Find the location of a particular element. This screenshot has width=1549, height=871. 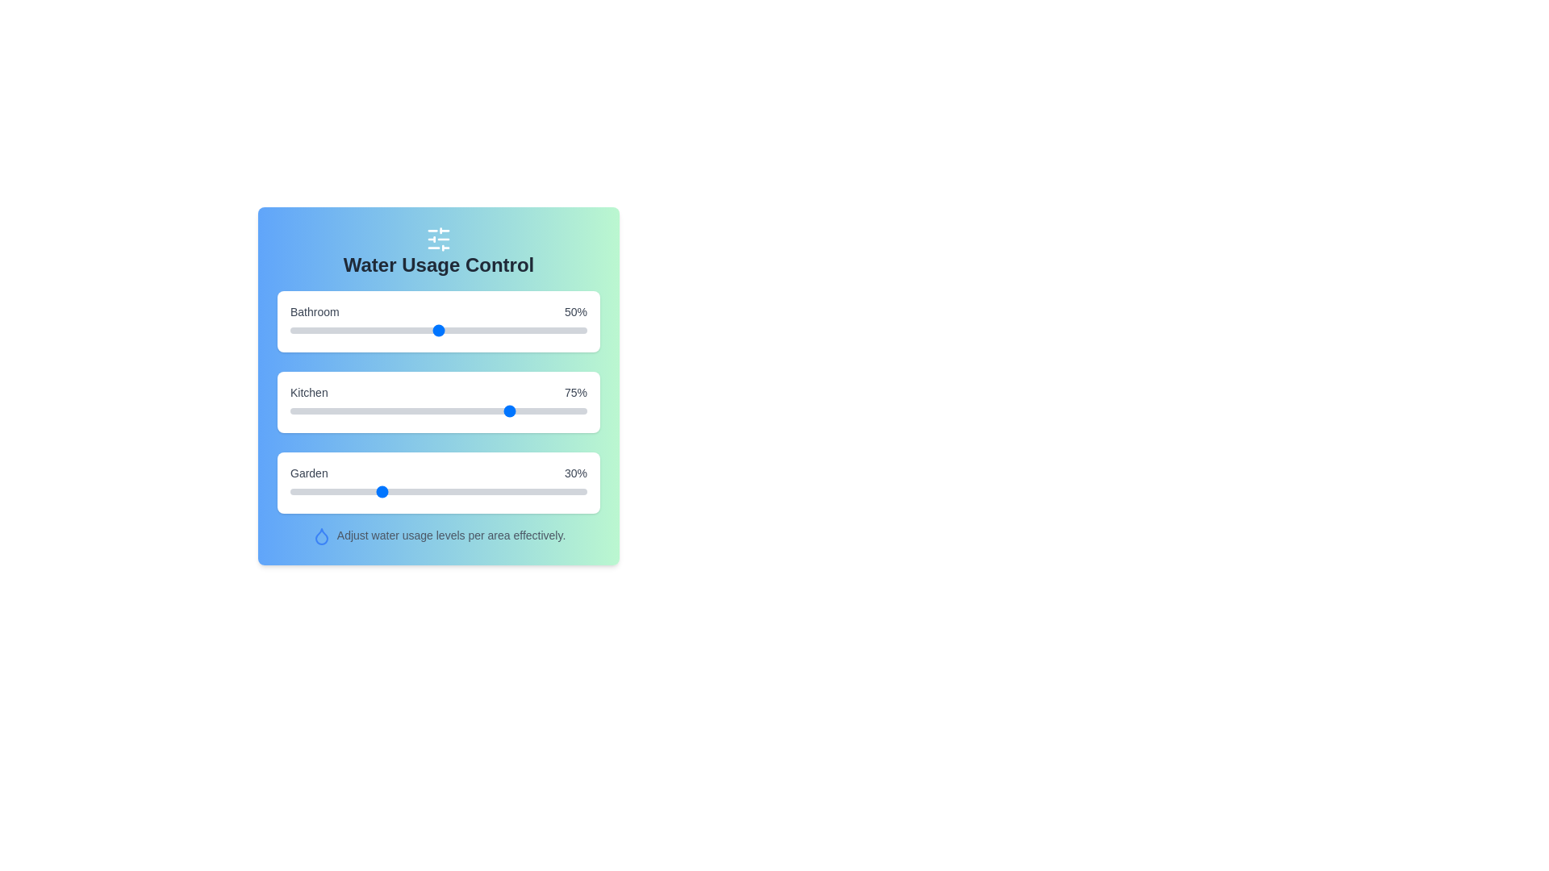

the descriptive text at the bottom of the panel is located at coordinates (438, 536).